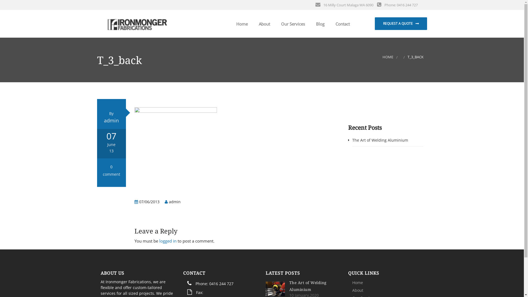 This screenshot has width=528, height=297. What do you see at coordinates (294, 55) in the screenshot?
I see `'Fabrication'` at bounding box center [294, 55].